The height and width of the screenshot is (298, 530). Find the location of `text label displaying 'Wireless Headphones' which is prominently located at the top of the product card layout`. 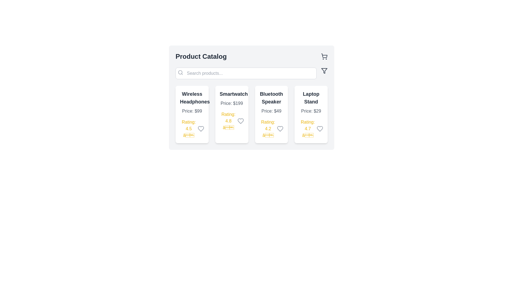

text label displaying 'Wireless Headphones' which is prominently located at the top of the product card layout is located at coordinates (192, 97).